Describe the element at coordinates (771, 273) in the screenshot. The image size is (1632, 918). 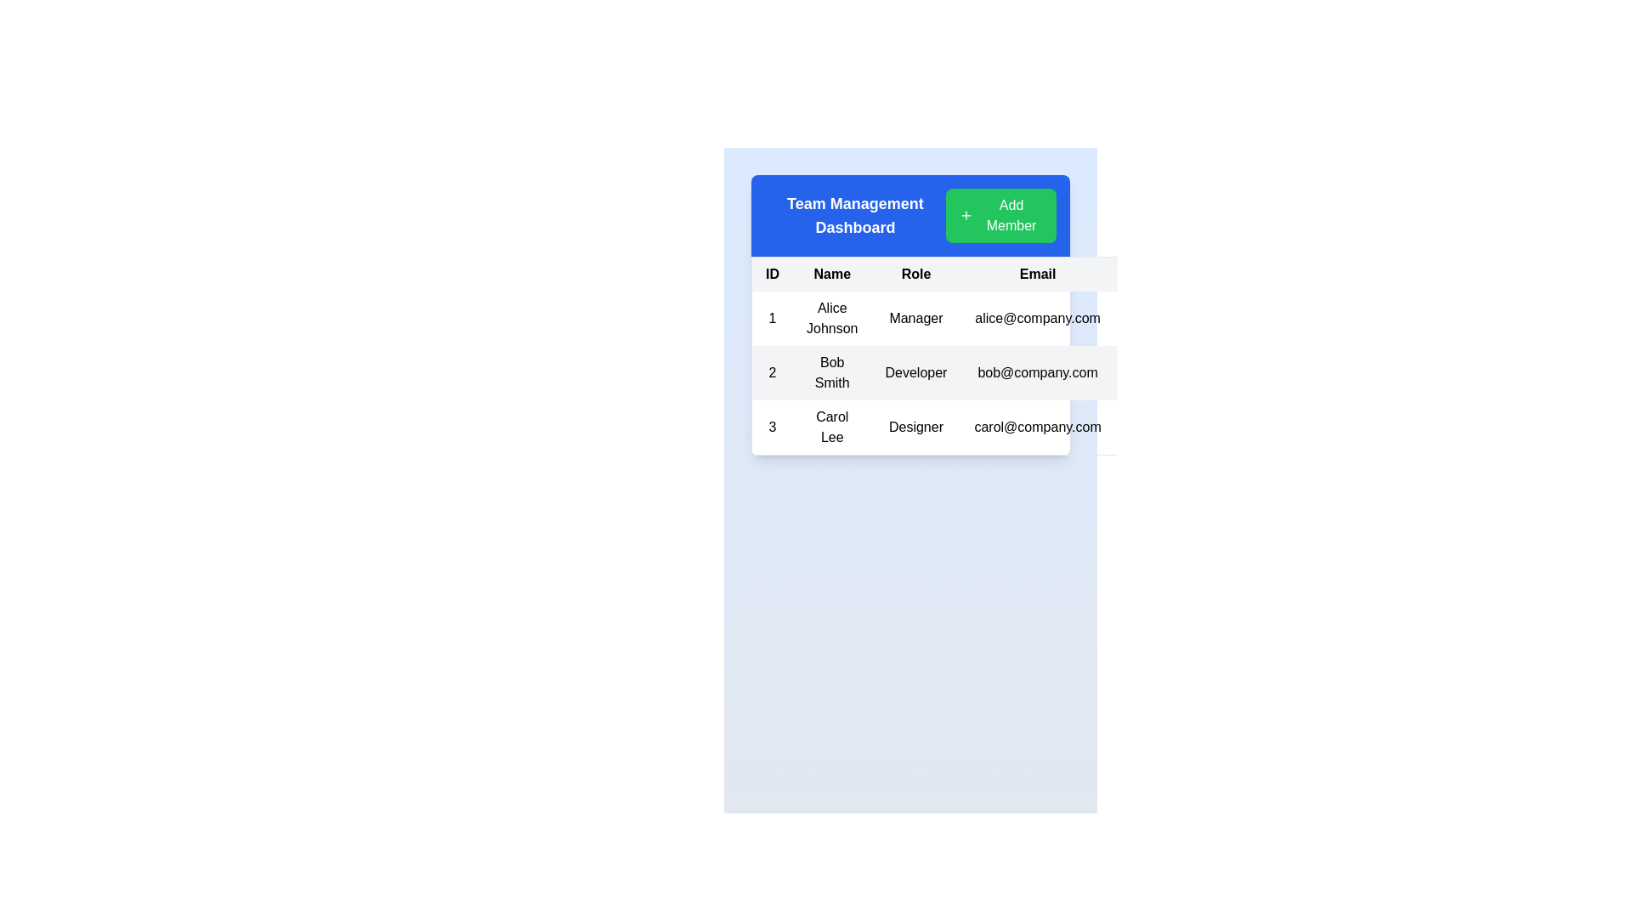
I see `the Table Header Cell displaying the label 'ID' in bold, sans-serif font, located in the top-left corner of the table` at that location.